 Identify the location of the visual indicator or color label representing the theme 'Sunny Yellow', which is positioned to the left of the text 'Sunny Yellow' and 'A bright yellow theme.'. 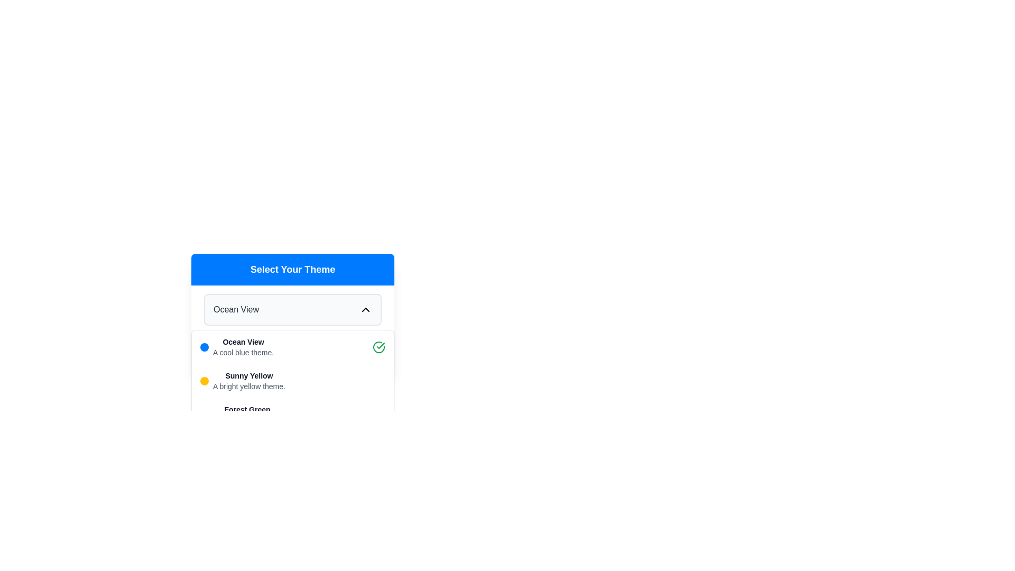
(205, 381).